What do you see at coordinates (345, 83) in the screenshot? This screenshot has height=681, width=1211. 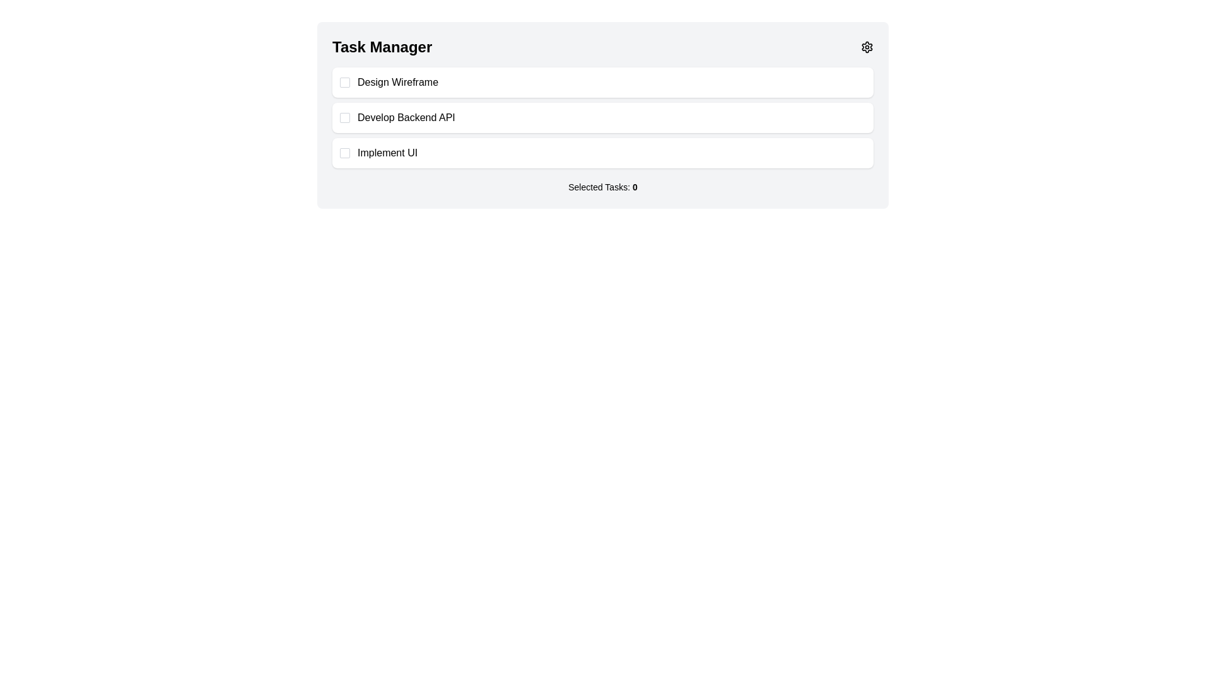 I see `the first checkbox for the task 'Design Wireframe' in the task manager interface` at bounding box center [345, 83].